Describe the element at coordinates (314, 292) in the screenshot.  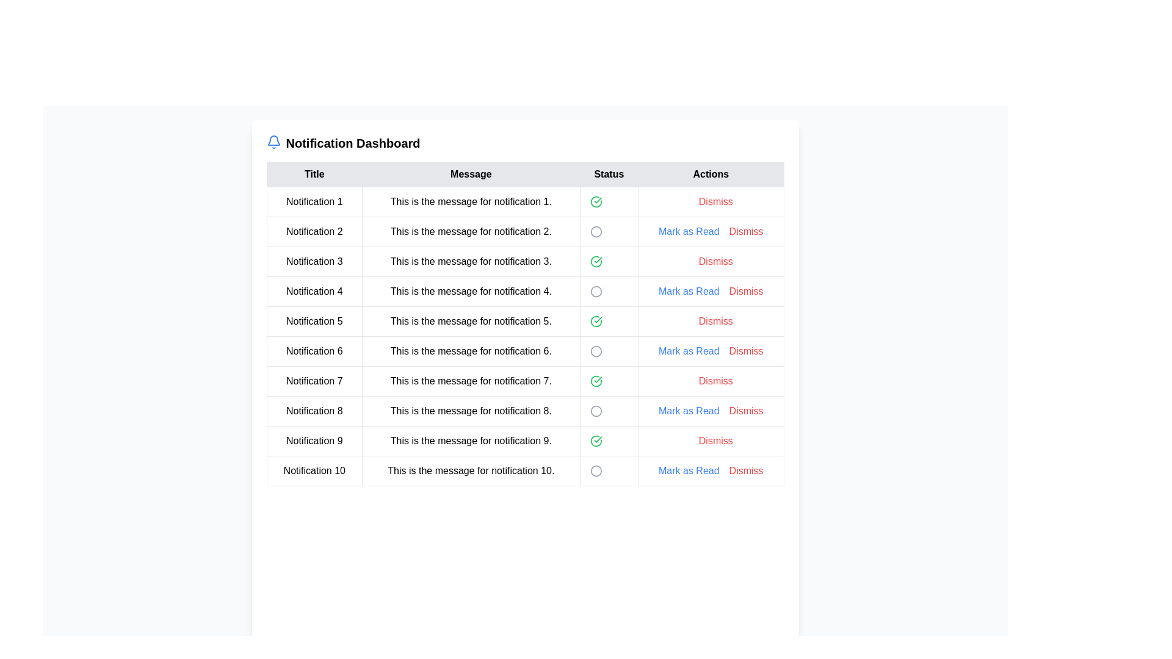
I see `the Text Label in the fourth row of the notification table, which identifies the notification related to 'This is the message for notification 4.'` at that location.